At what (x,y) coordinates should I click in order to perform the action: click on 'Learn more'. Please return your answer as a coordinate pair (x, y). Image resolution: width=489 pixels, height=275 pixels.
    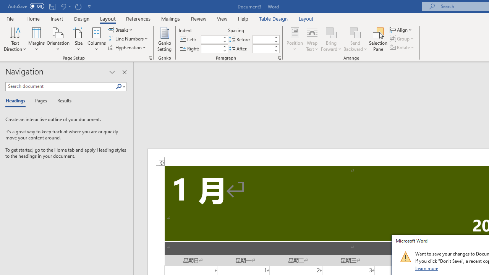
    Looking at the image, I should click on (427, 268).